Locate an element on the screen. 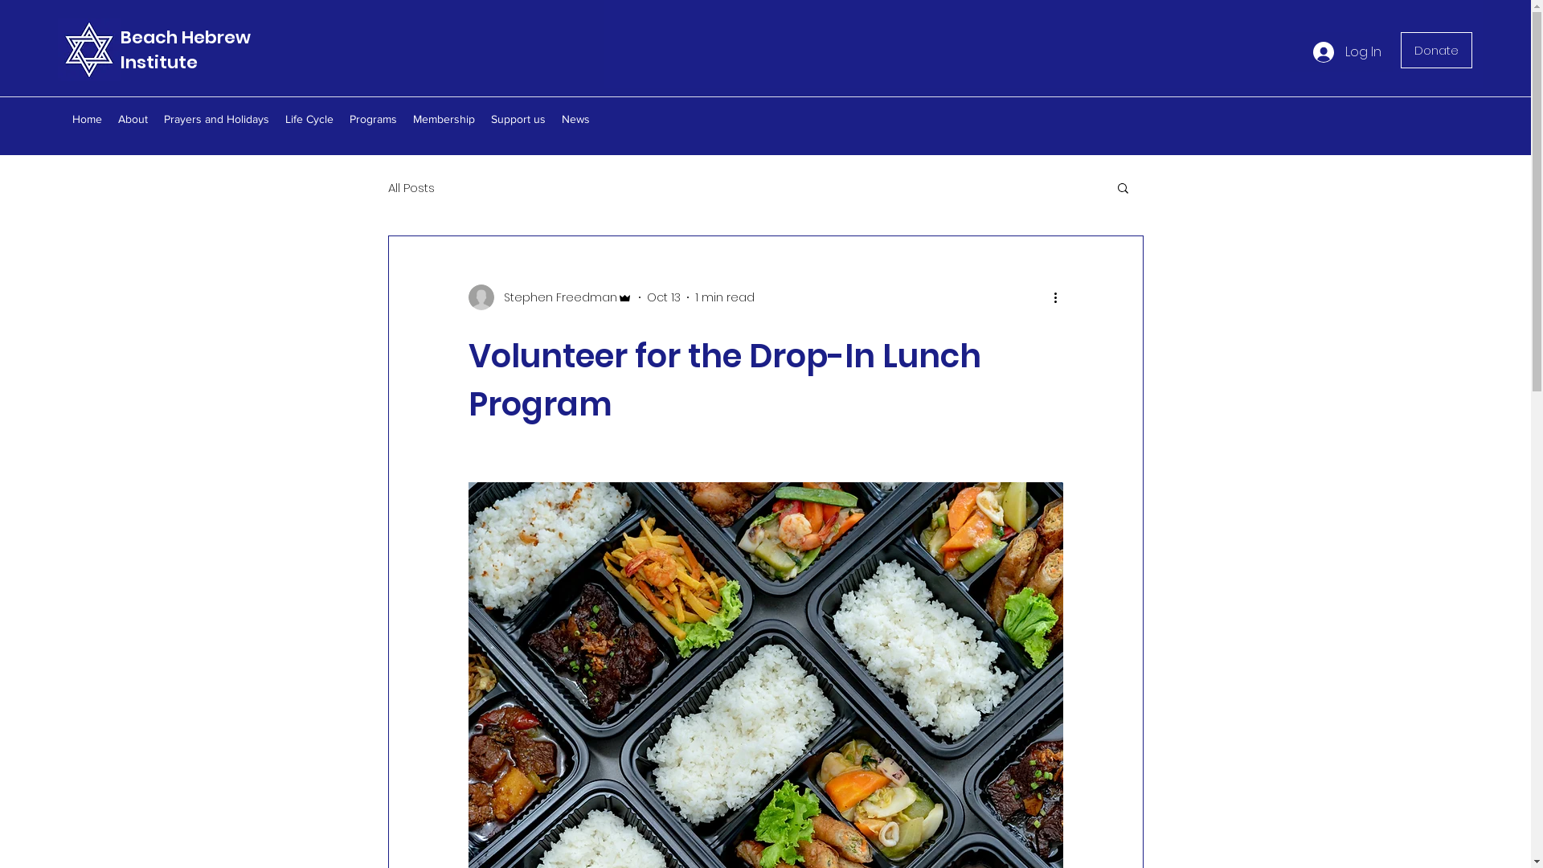 This screenshot has width=1543, height=868. 'Stephen Freedman' is located at coordinates (549, 297).